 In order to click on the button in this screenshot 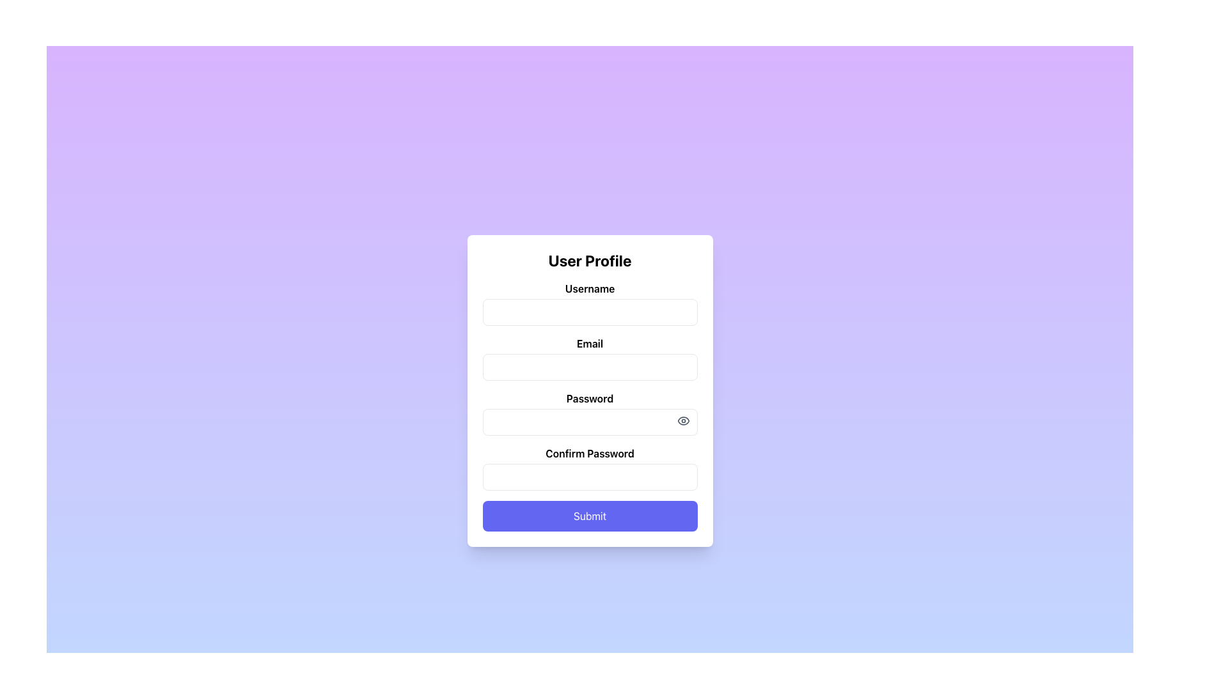, I will do `click(682, 420)`.